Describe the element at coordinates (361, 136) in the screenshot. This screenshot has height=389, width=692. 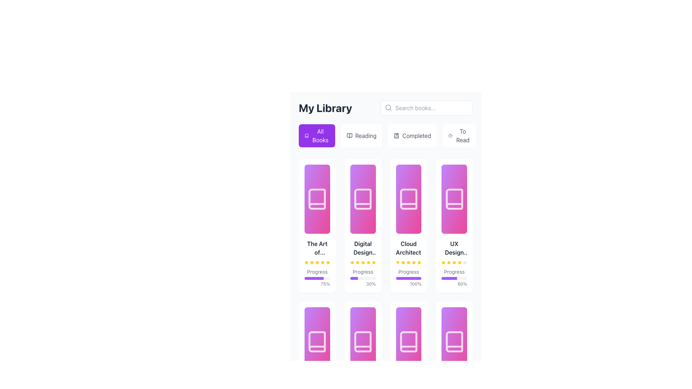
I see `the 'Reading' button in the 'My Library' section to filter the list to currently reading books` at that location.